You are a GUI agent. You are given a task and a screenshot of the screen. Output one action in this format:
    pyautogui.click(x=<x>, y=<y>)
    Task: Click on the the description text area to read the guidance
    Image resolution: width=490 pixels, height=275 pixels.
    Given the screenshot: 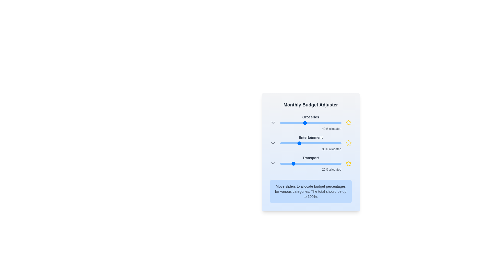 What is the action you would take?
    pyautogui.click(x=310, y=191)
    